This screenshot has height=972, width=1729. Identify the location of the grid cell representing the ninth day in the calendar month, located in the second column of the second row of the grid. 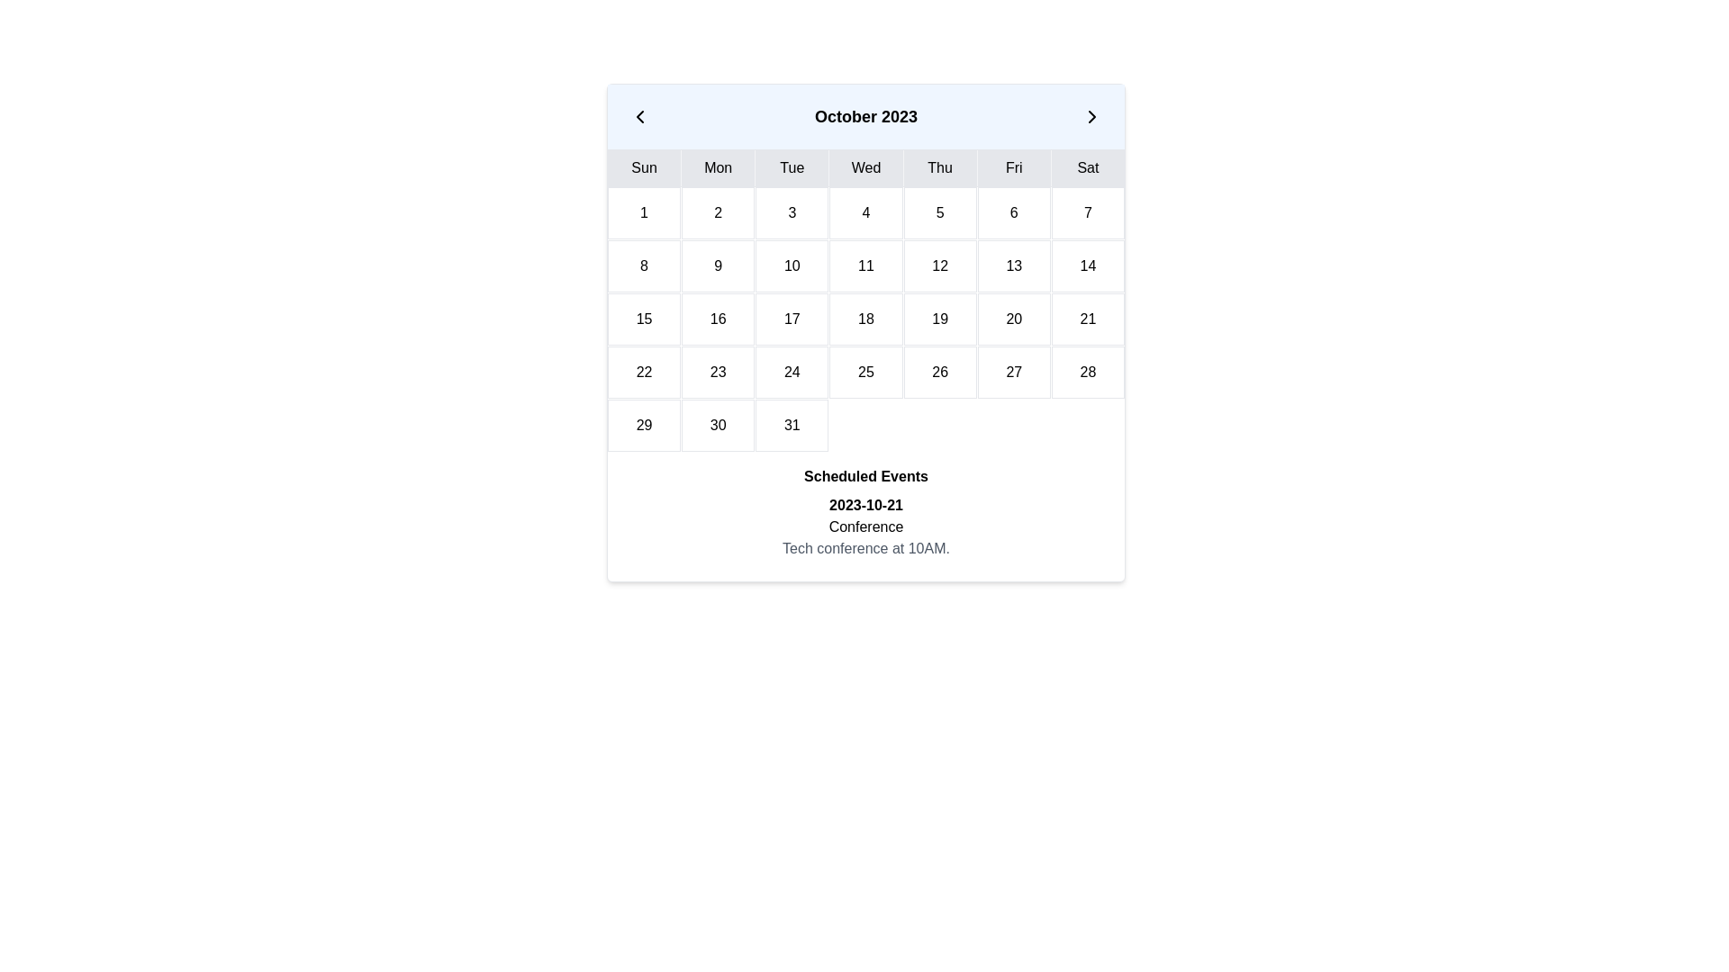
(717, 266).